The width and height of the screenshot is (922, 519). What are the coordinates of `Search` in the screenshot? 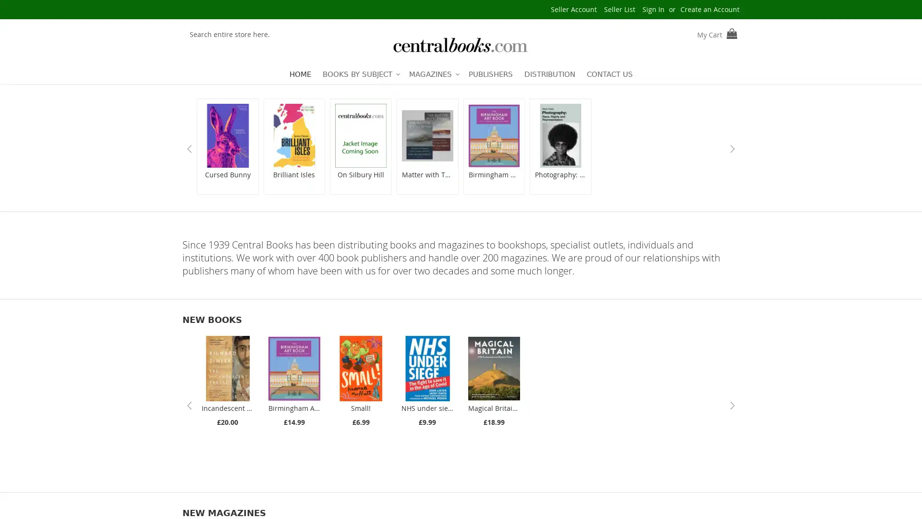 It's located at (296, 33).